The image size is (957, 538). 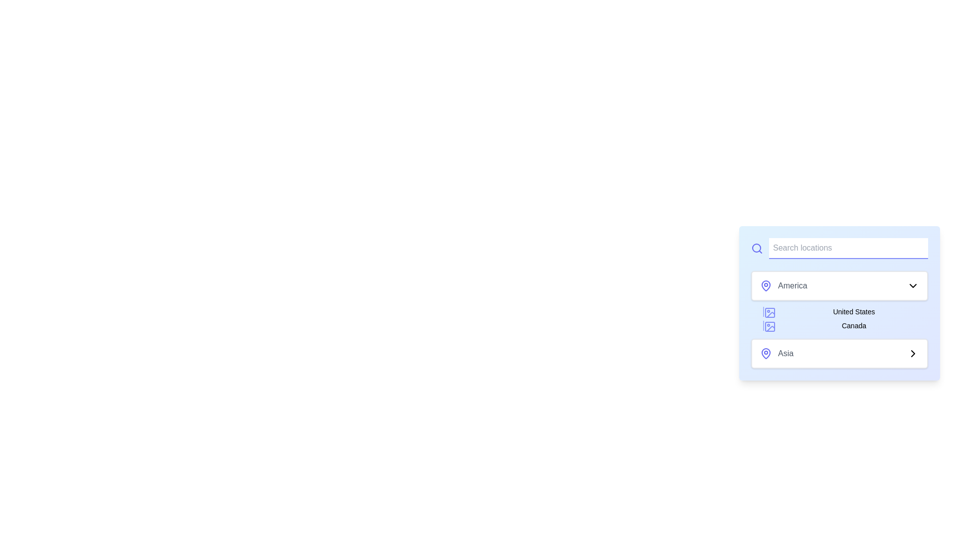 What do you see at coordinates (770, 312) in the screenshot?
I see `the indigo picture frame icon located to the left of the text 'United States' in the 'America' category list item` at bounding box center [770, 312].